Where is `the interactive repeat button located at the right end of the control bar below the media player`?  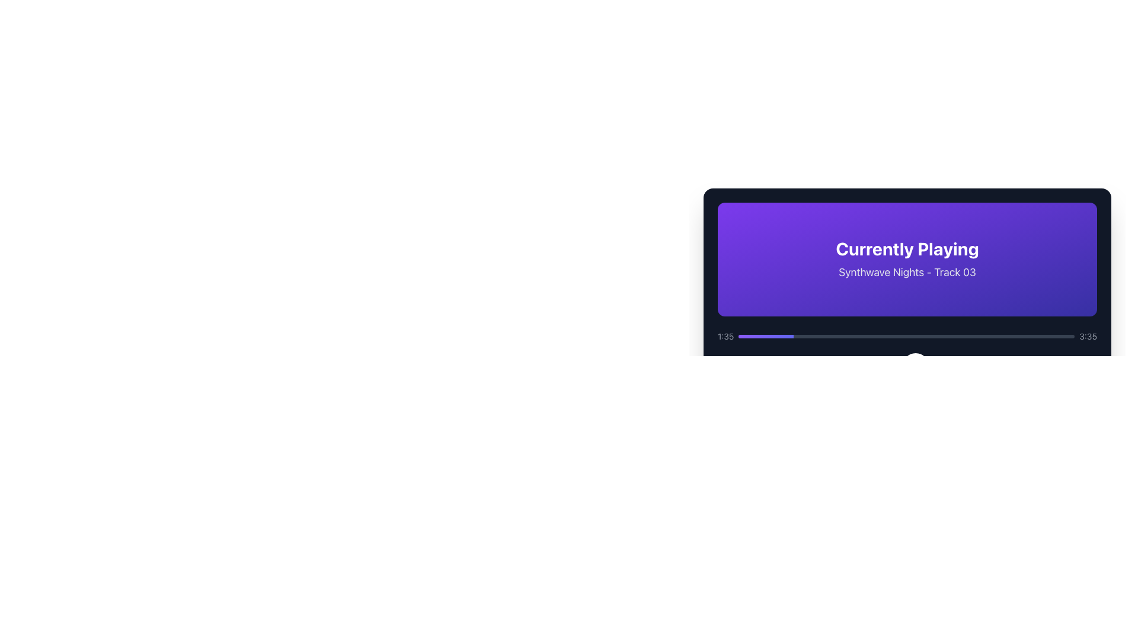 the interactive repeat button located at the right end of the control bar below the media player is located at coordinates (979, 365).